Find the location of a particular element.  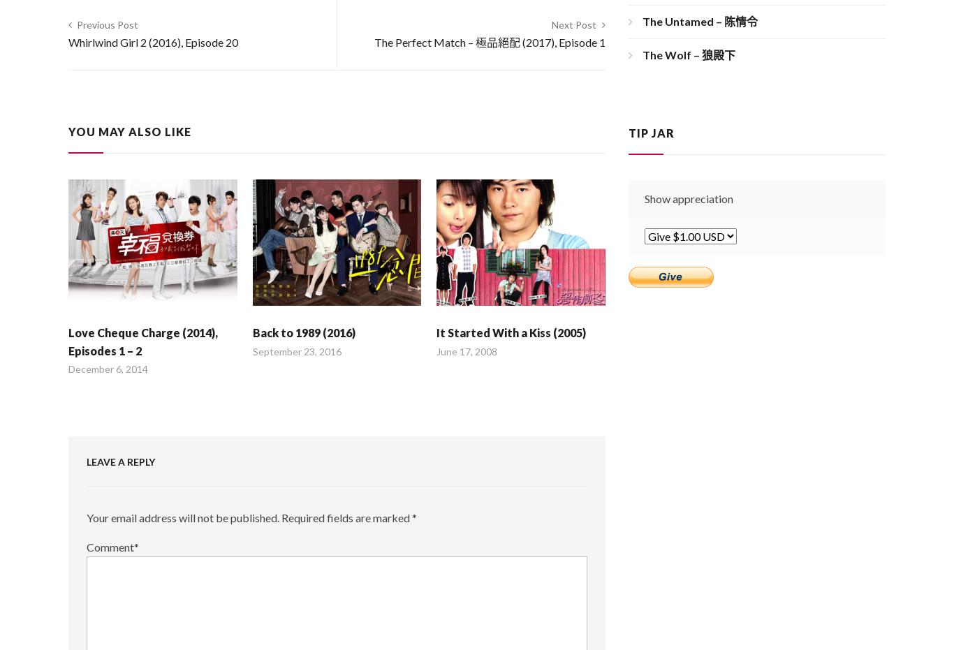

'Next Post' is located at coordinates (573, 24).